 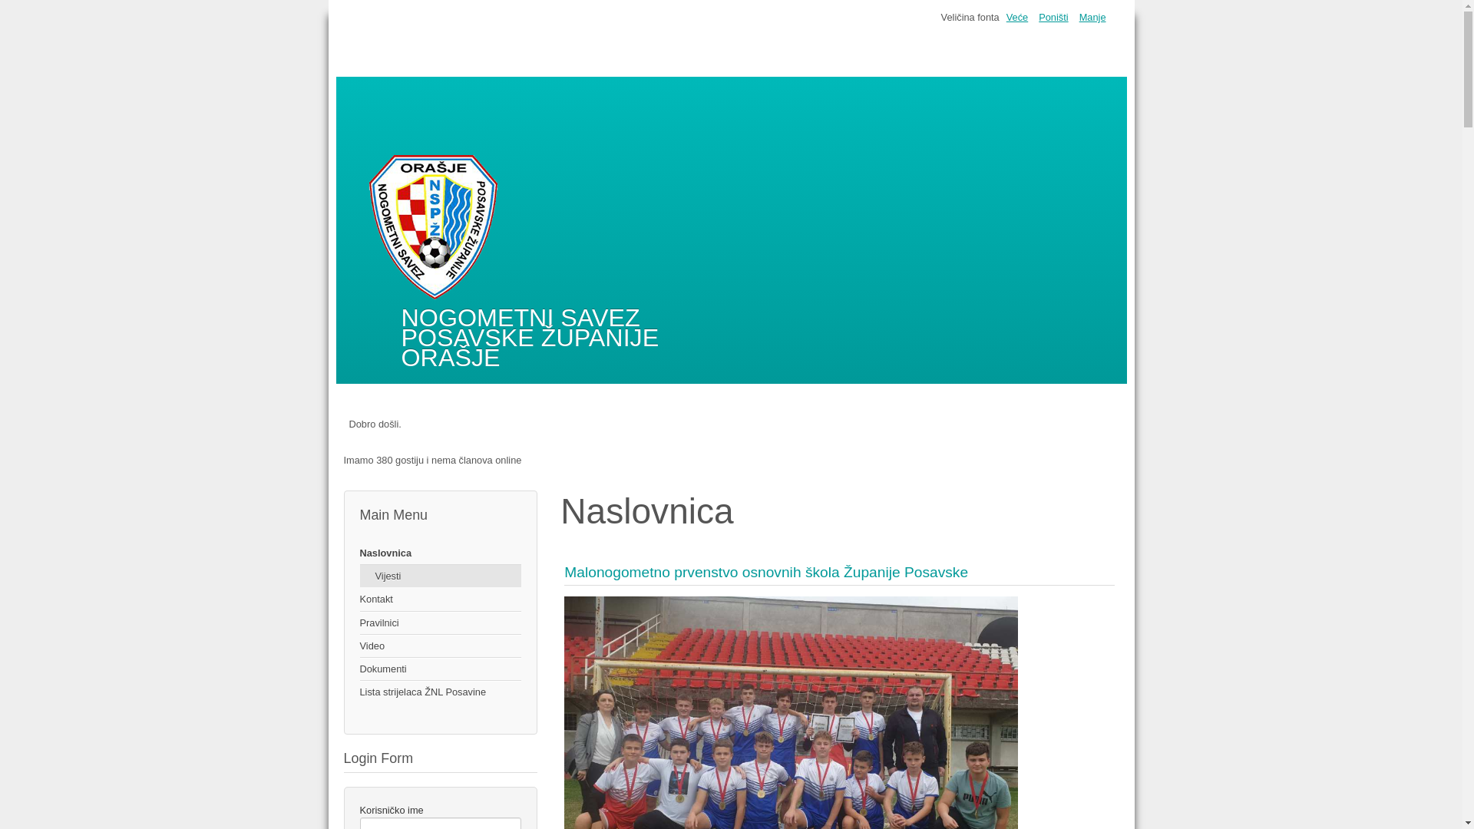 I want to click on 'Kontakt', so click(x=439, y=598).